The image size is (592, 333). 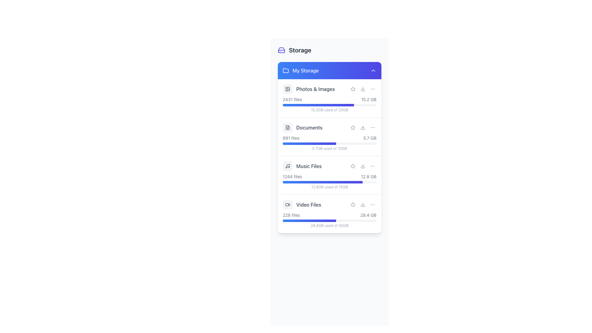 What do you see at coordinates (287, 166) in the screenshot?
I see `the decorative icon representing the 'Music Files' section, which is positioned to the left of the text 'Music Files' and above the storage usage progress bar` at bounding box center [287, 166].